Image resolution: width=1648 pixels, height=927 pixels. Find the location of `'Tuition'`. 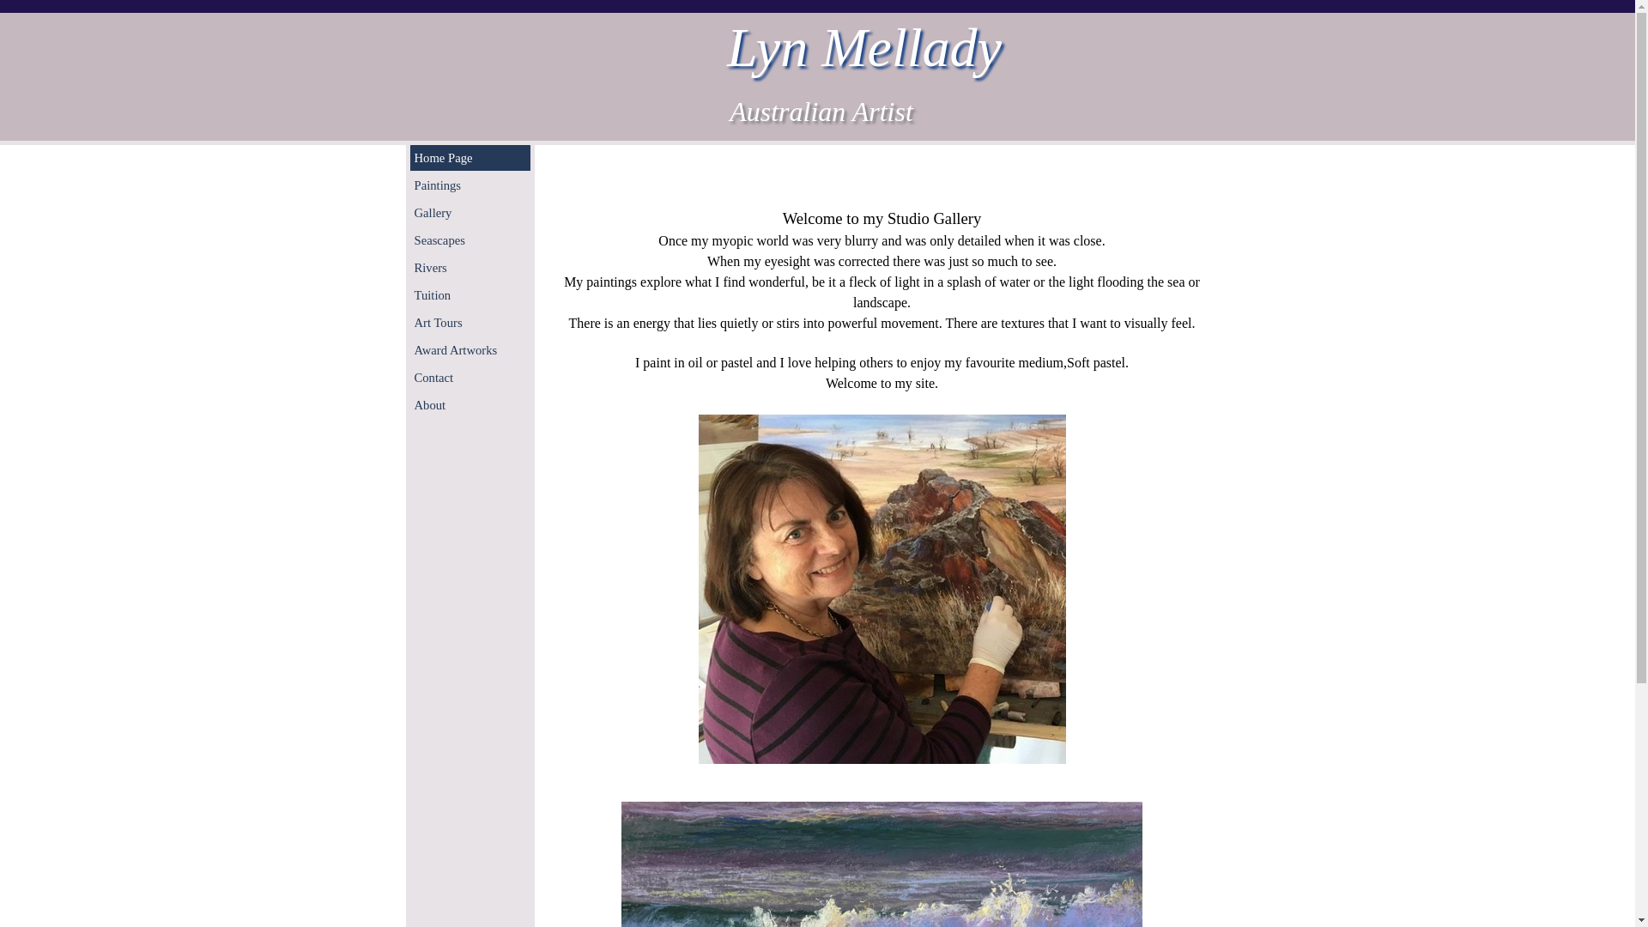

'Tuition' is located at coordinates (470, 294).